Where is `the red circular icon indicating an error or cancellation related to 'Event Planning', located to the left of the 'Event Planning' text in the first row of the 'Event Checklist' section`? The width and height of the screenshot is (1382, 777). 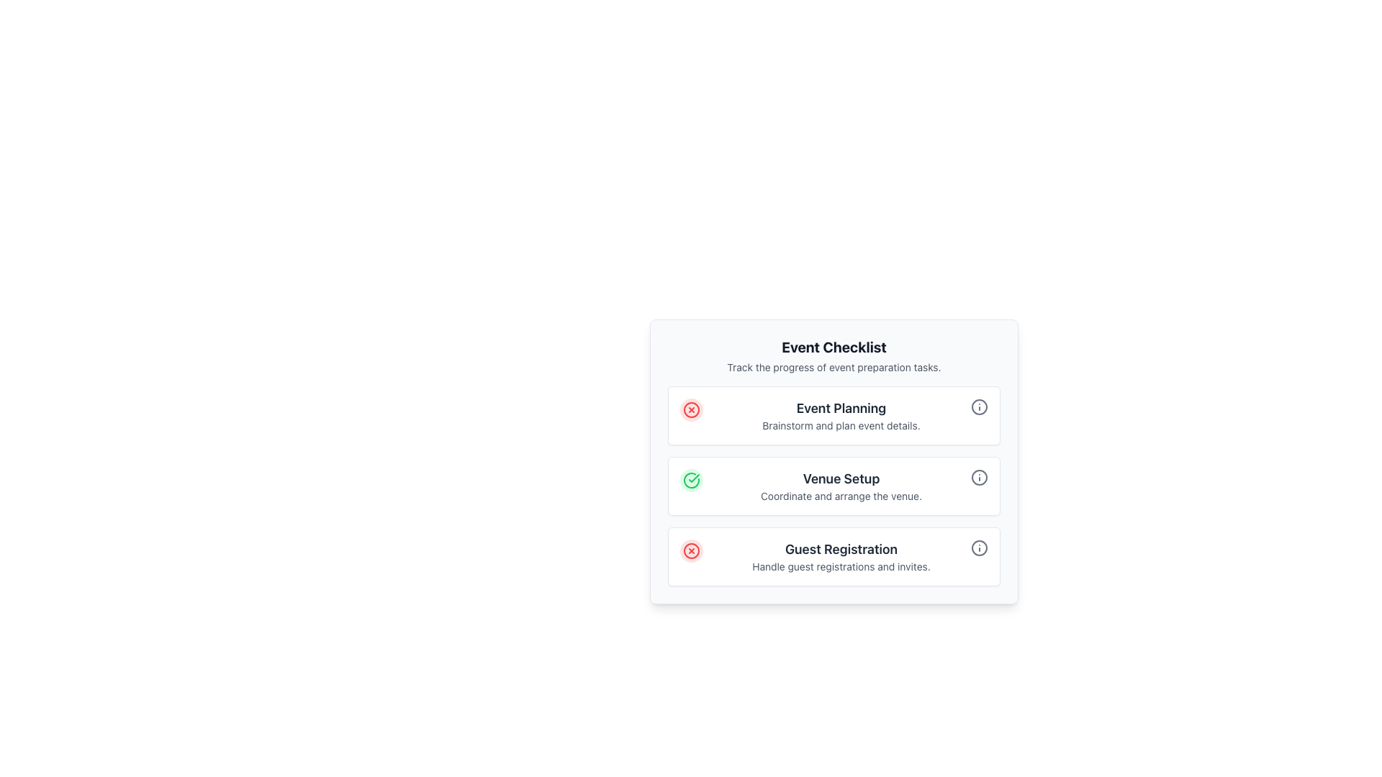 the red circular icon indicating an error or cancellation related to 'Event Planning', located to the left of the 'Event Planning' text in the first row of the 'Event Checklist' section is located at coordinates (691, 410).